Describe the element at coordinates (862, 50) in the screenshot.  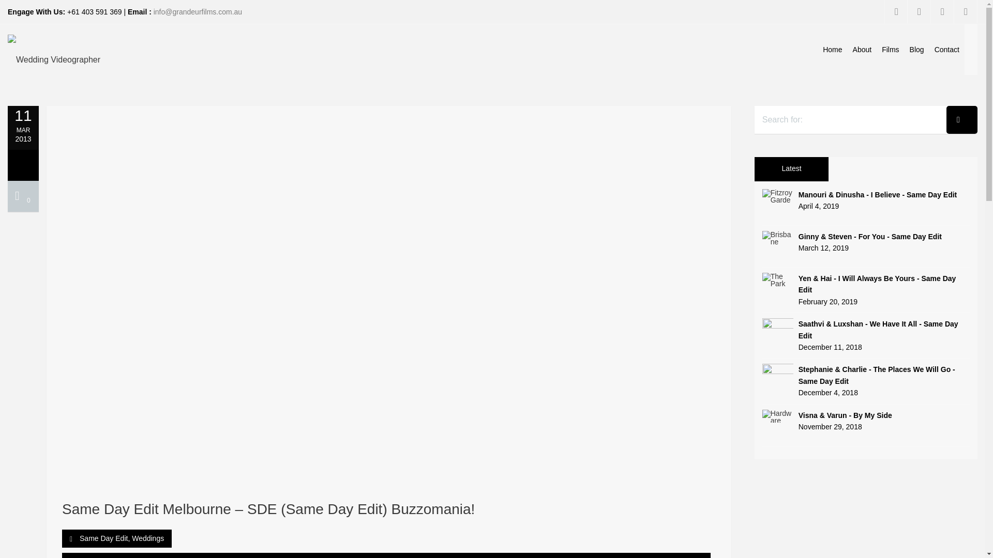
I see `'About'` at that location.